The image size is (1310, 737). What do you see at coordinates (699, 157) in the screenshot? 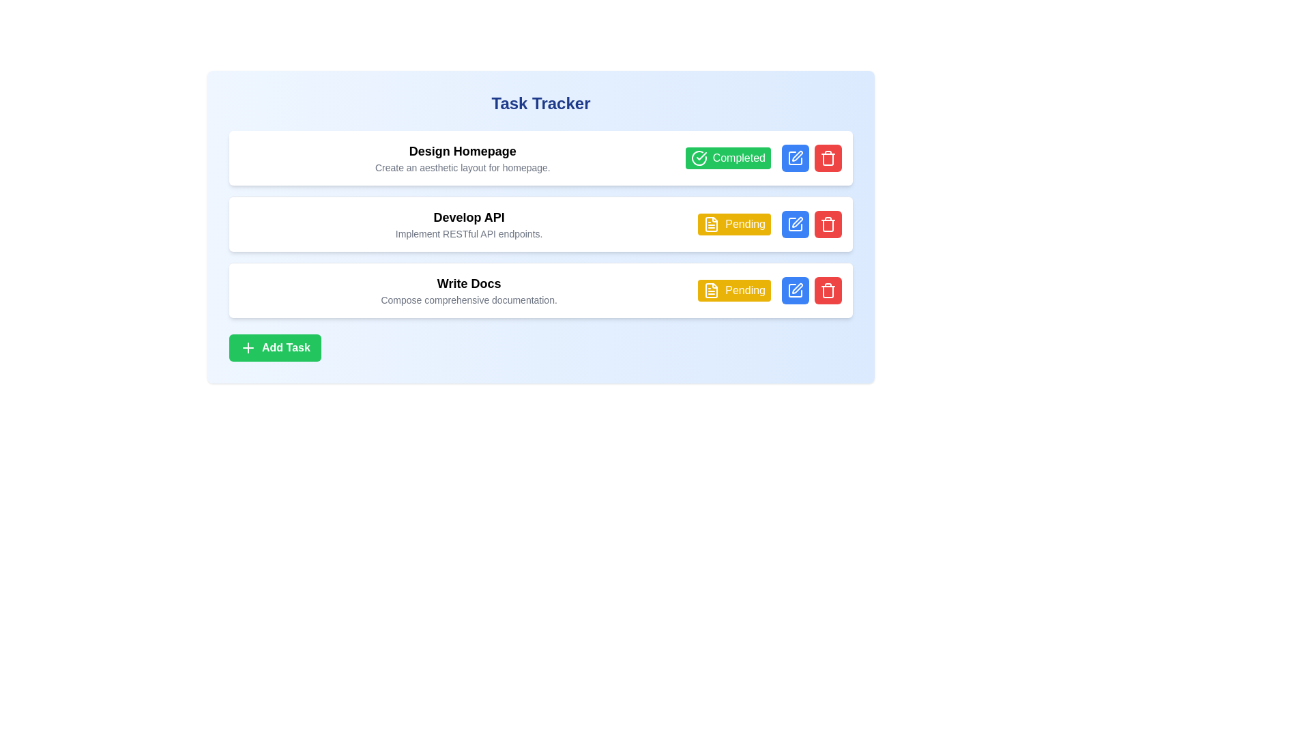
I see `the completion status icon located to the left of the 'Completed' label within the green rectangular badge in the 'Design Homepage' task row at the top of the task list` at bounding box center [699, 157].